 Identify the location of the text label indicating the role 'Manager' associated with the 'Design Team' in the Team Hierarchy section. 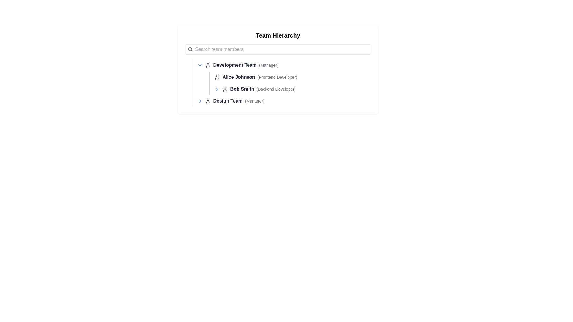
(255, 101).